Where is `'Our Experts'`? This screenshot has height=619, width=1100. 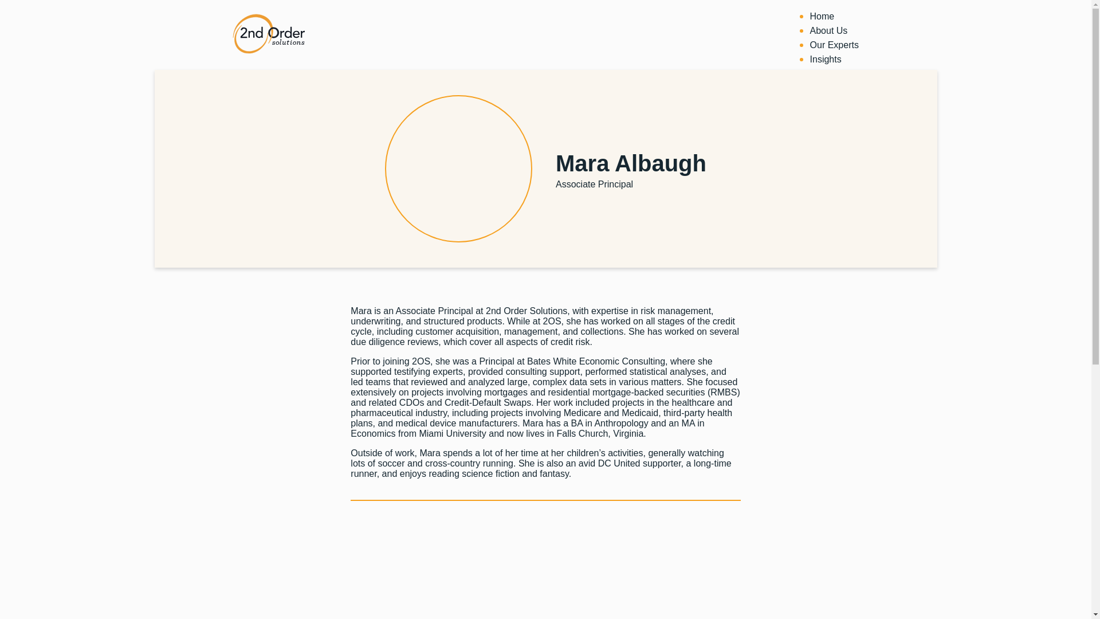
'Our Experts' is located at coordinates (834, 44).